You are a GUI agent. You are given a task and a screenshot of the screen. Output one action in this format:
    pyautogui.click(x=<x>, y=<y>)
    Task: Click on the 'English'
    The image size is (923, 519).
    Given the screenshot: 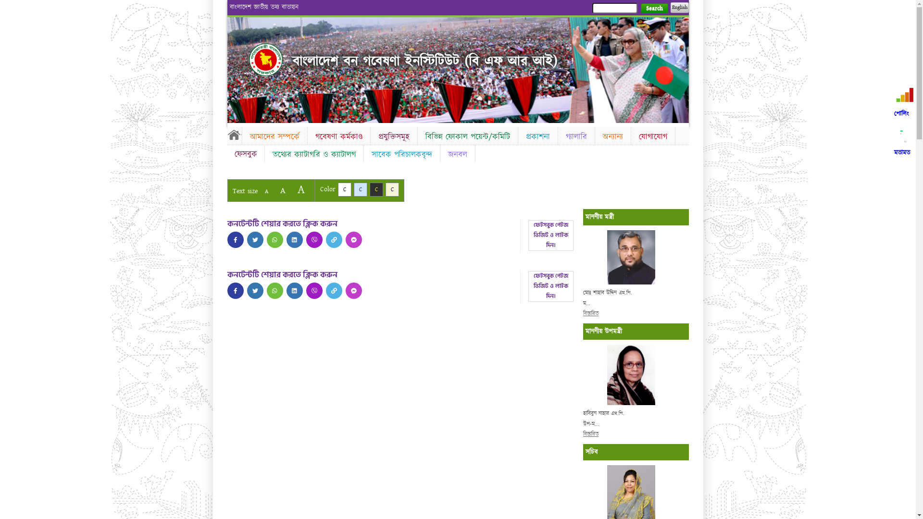 What is the action you would take?
    pyautogui.click(x=678, y=7)
    